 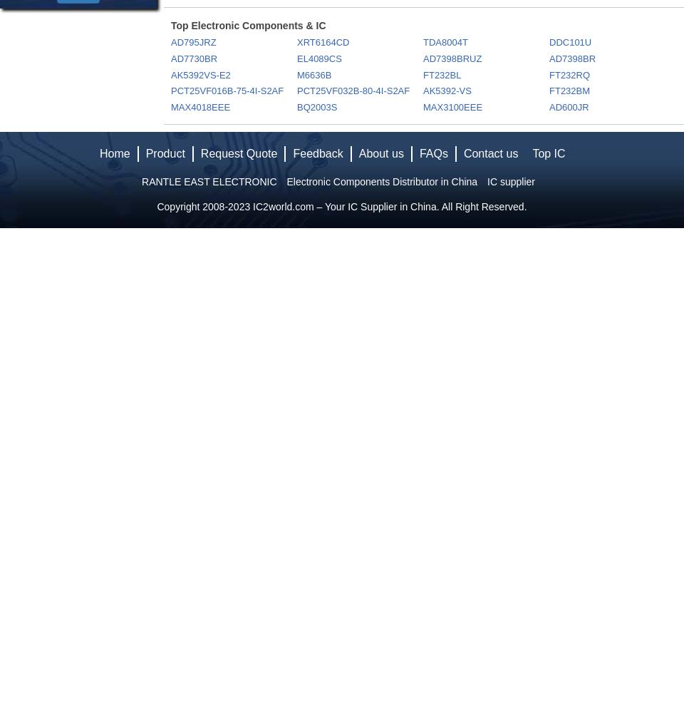 What do you see at coordinates (358, 153) in the screenshot?
I see `'About us'` at bounding box center [358, 153].